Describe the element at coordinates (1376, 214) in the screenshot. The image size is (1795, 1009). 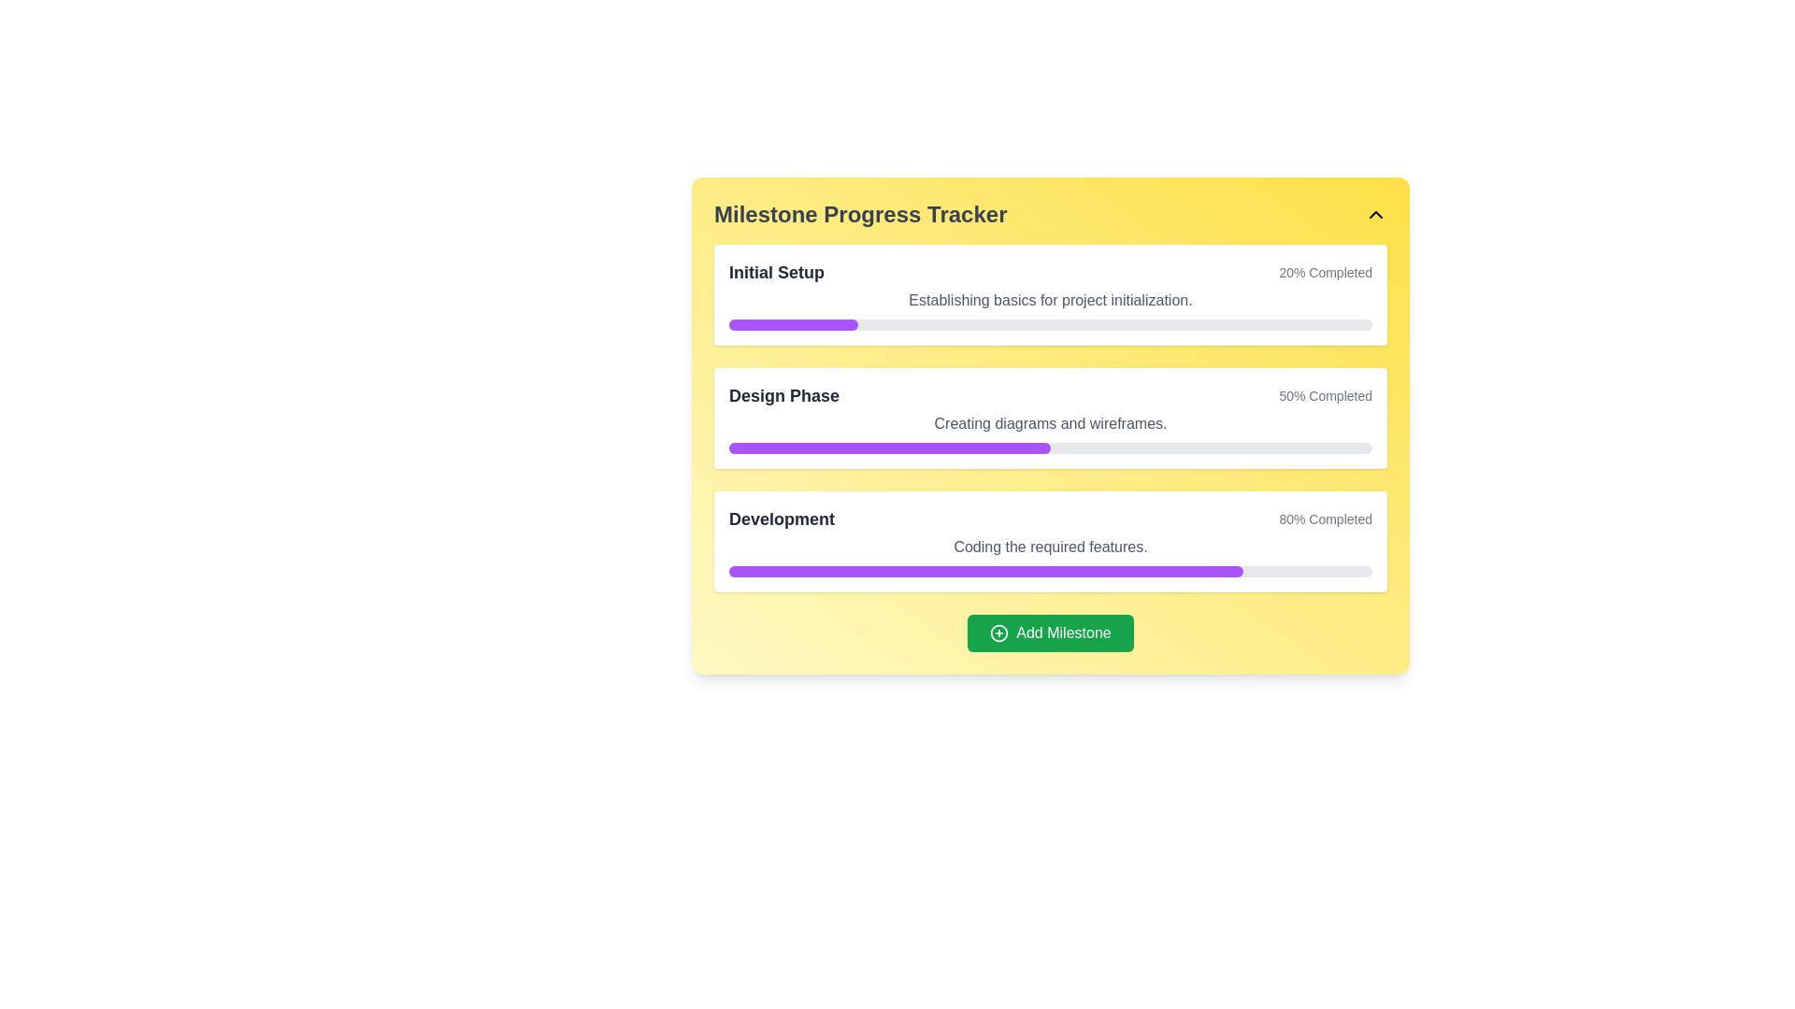
I see `the upward-pointing chevron button with a black outline on a yellow background located in the top-right corner of the 'Milestone Progress Tracker' header bar` at that location.